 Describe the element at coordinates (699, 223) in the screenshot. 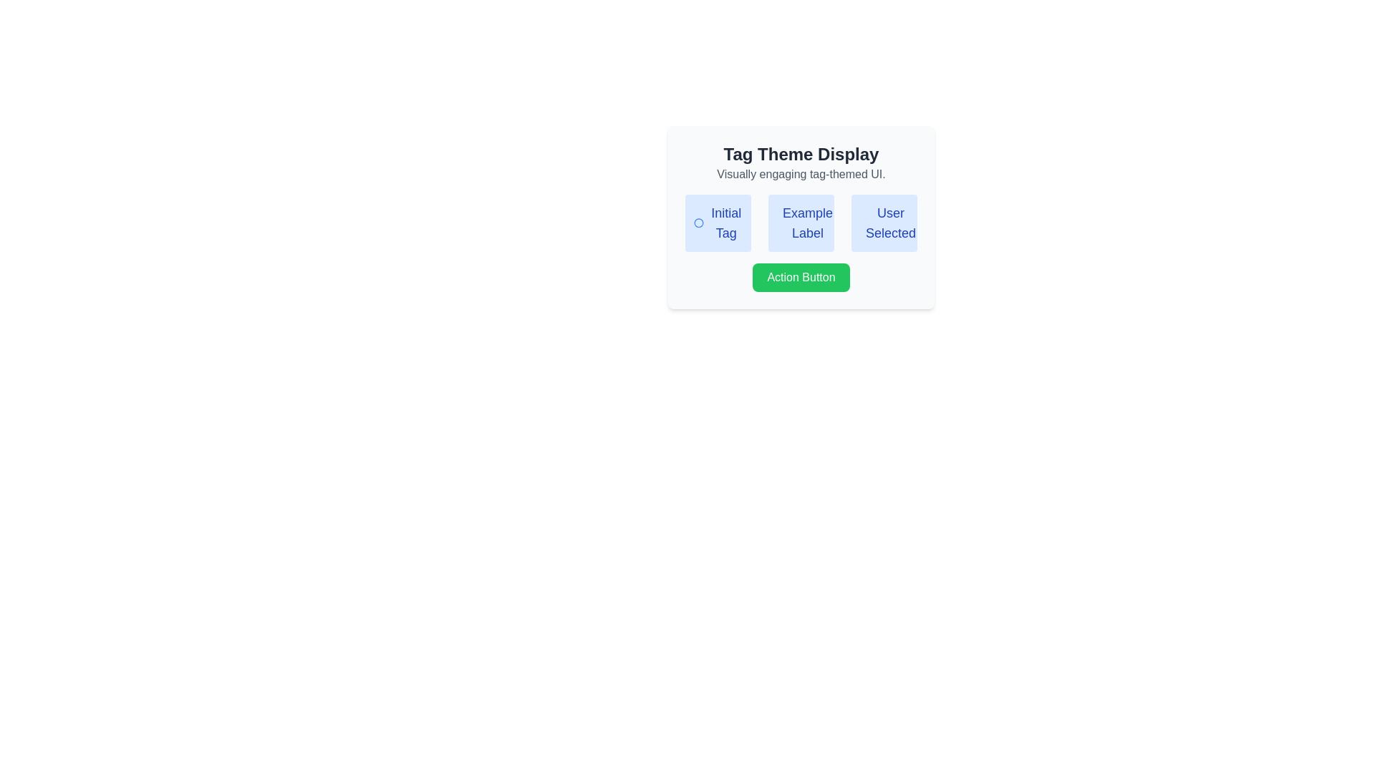

I see `the SVG Circle element located inside the 'Initial Tag' label in the top row of labels` at that location.